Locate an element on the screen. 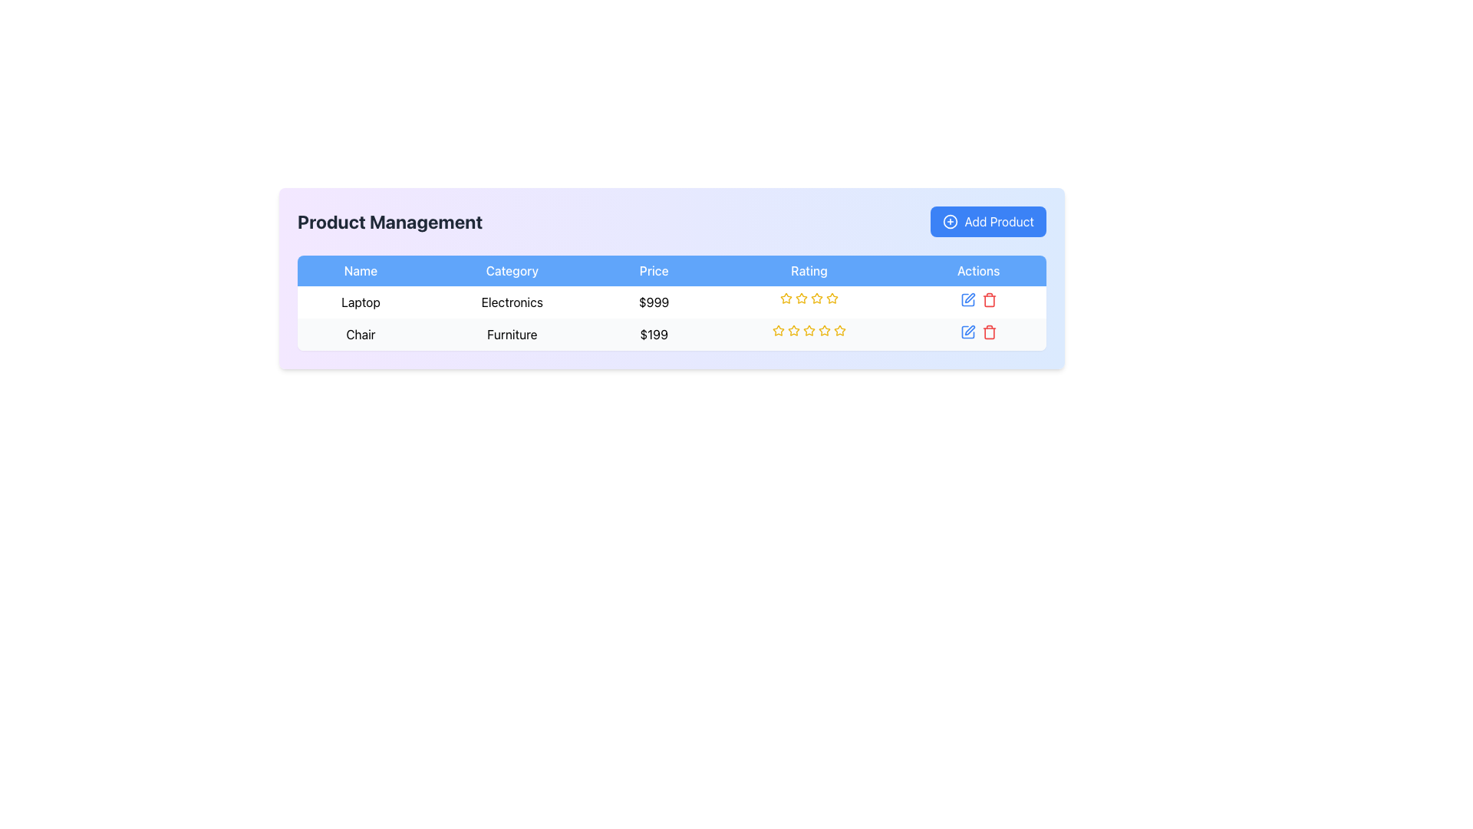 The image size is (1473, 829). the first rating star icon representing the 'Chair' item in the second row of the rating column is located at coordinates (778, 329).